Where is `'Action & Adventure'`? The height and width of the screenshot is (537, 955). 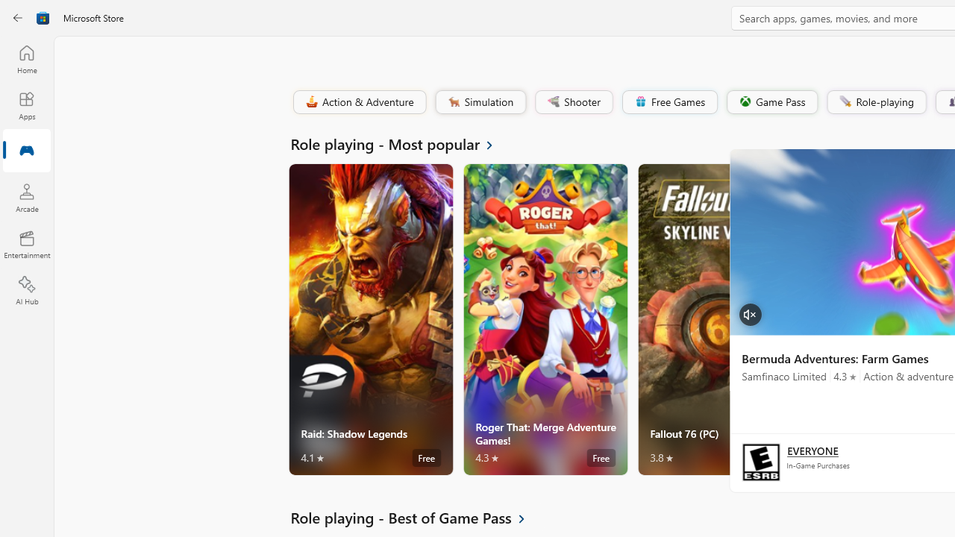
'Action & Adventure' is located at coordinates (358, 101).